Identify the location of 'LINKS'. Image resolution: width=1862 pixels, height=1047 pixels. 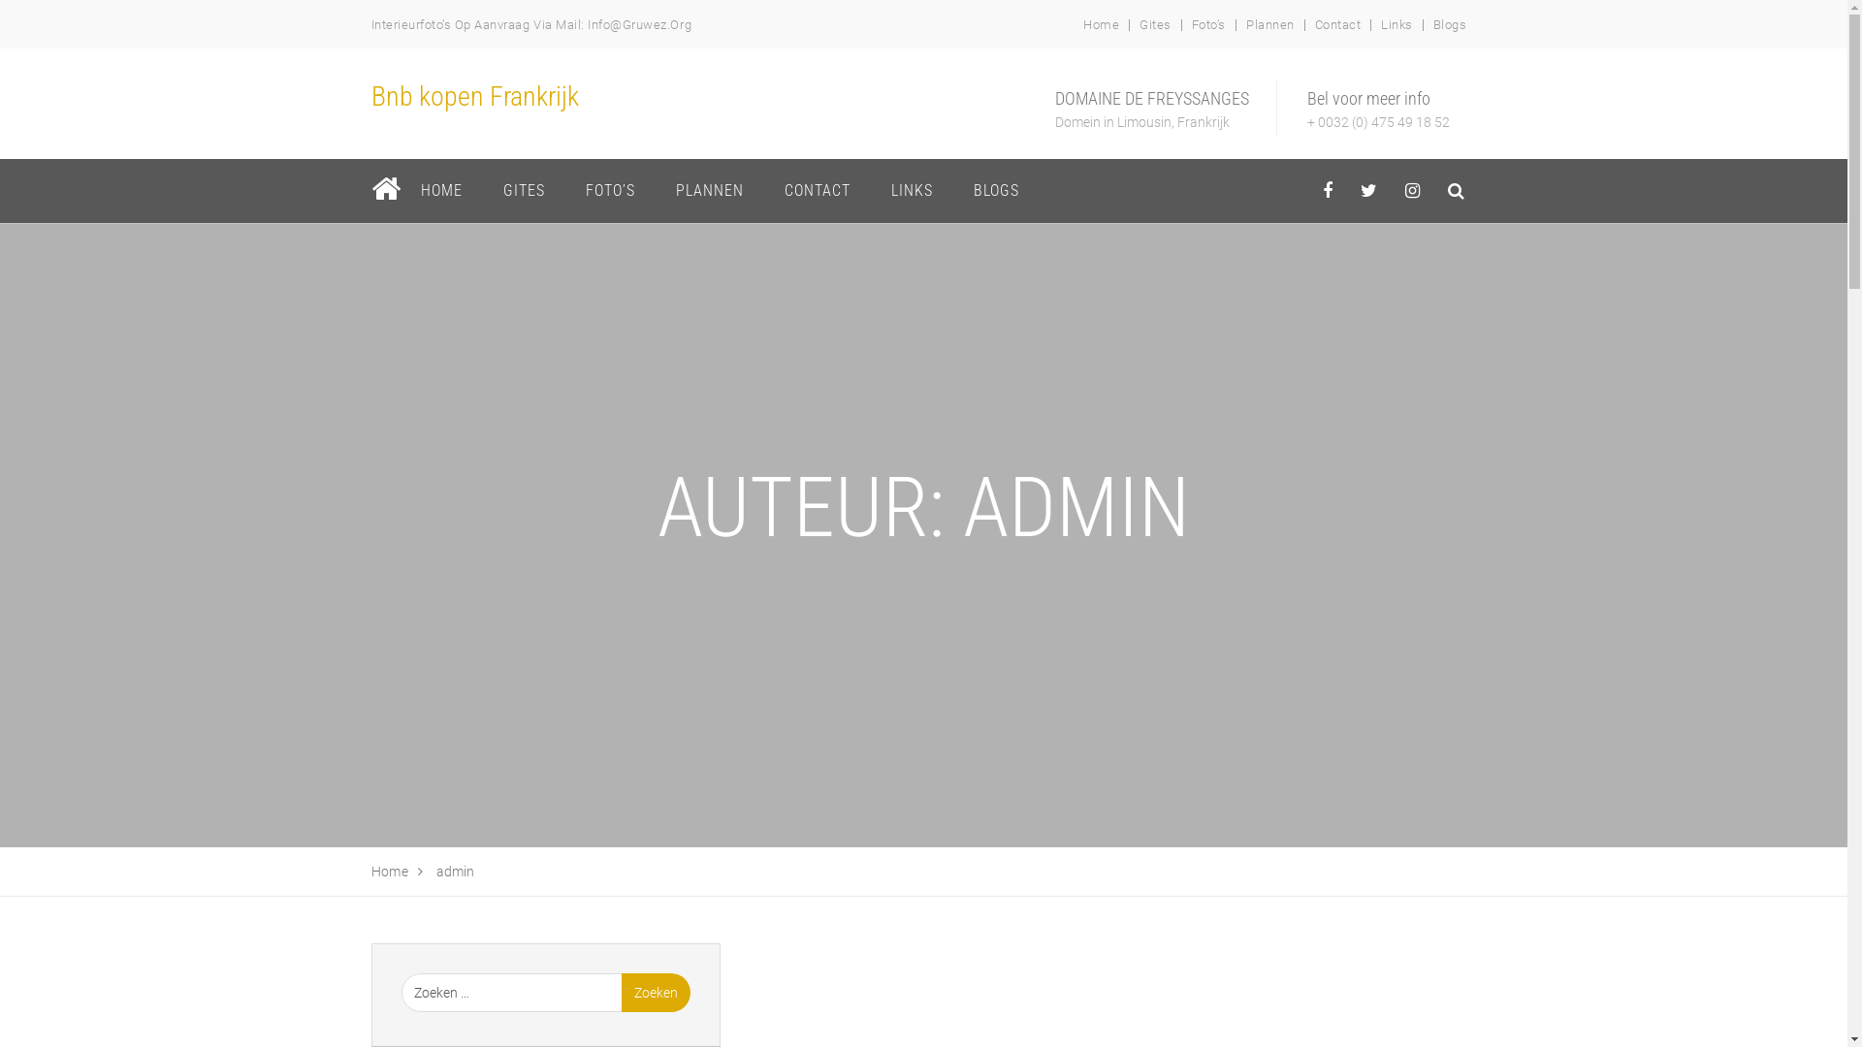
(911, 190).